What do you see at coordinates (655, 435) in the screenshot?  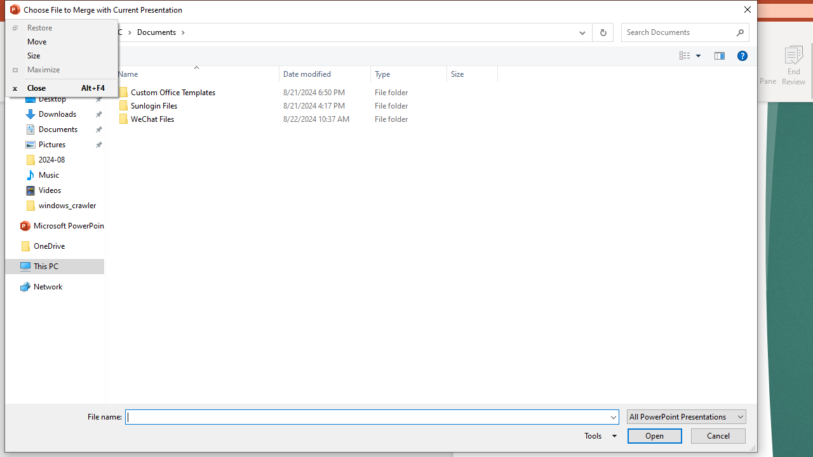 I see `'Open'` at bounding box center [655, 435].